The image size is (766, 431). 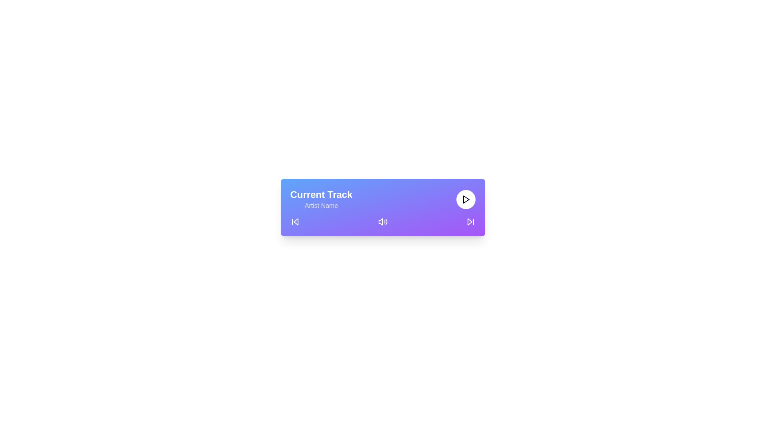 What do you see at coordinates (295, 221) in the screenshot?
I see `the backward action icon, which is a thin outlined left arrow positioned at the bottom left of the interface` at bounding box center [295, 221].